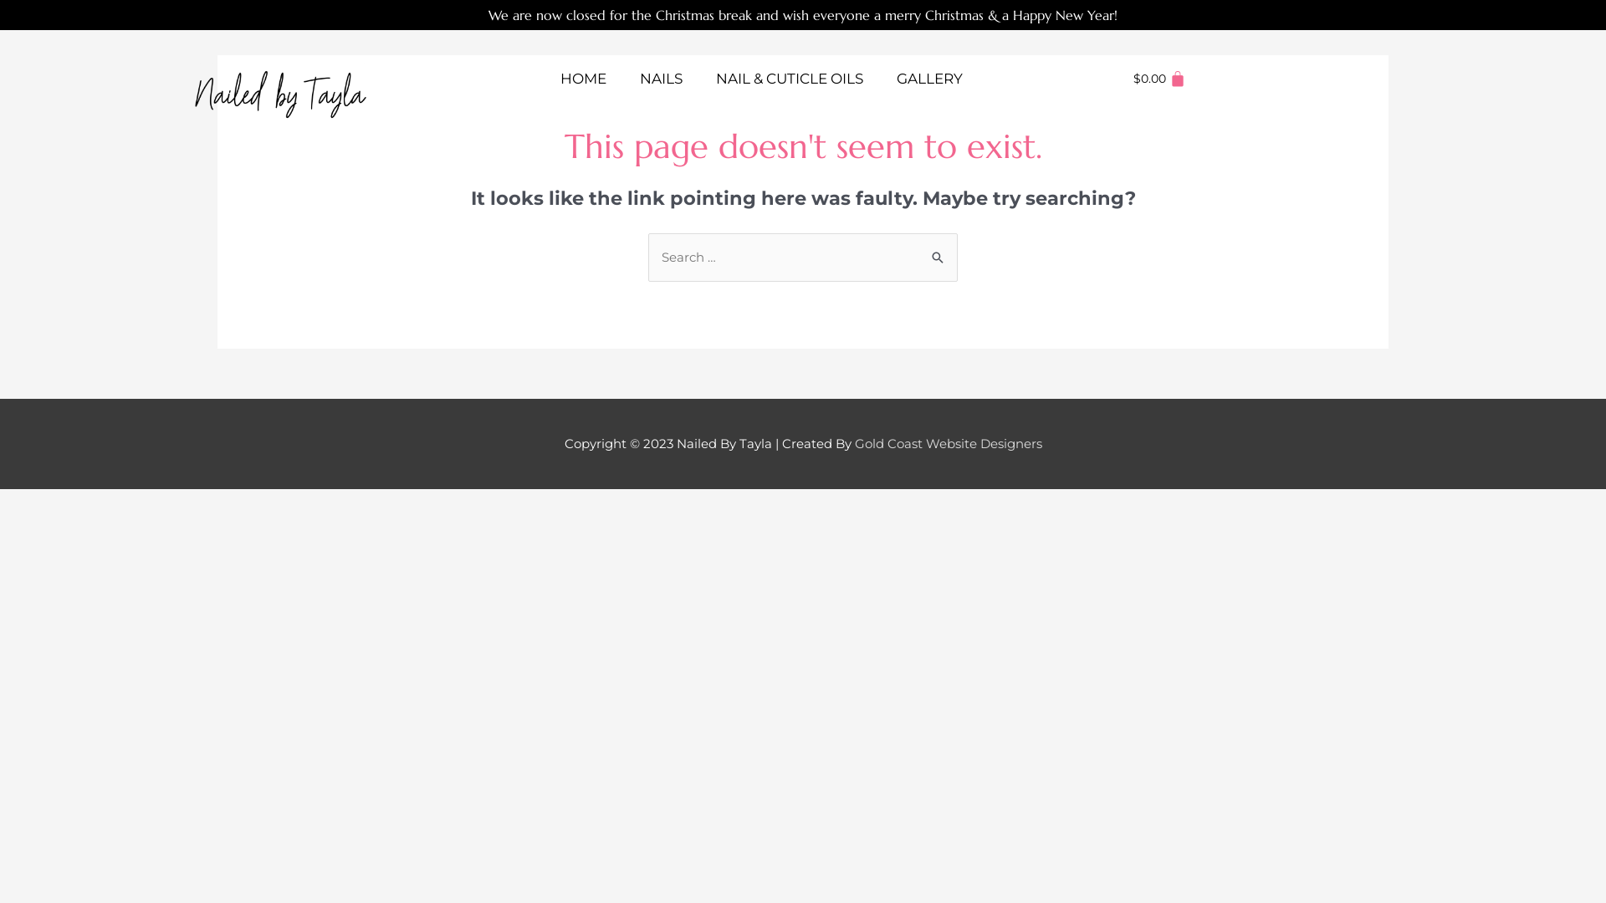  Describe the element at coordinates (1158, 78) in the screenshot. I see `'$0.00'` at that location.